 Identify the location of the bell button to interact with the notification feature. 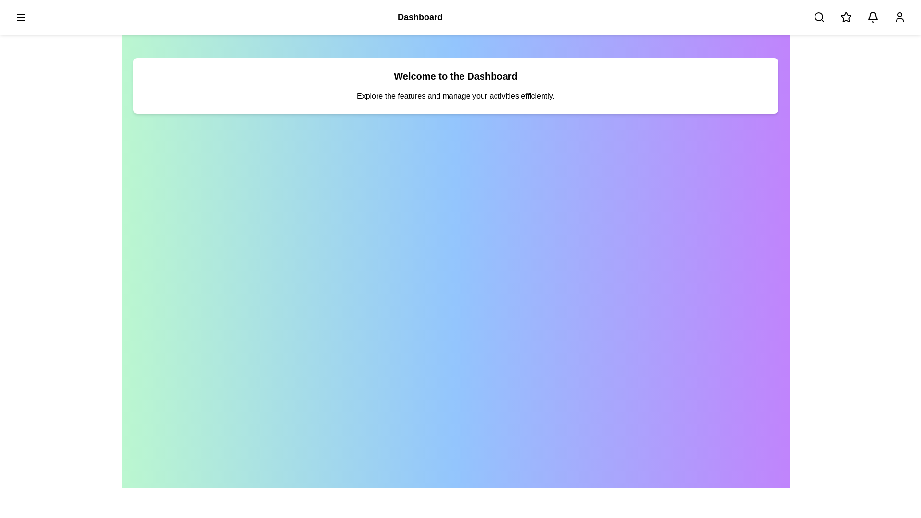
(873, 17).